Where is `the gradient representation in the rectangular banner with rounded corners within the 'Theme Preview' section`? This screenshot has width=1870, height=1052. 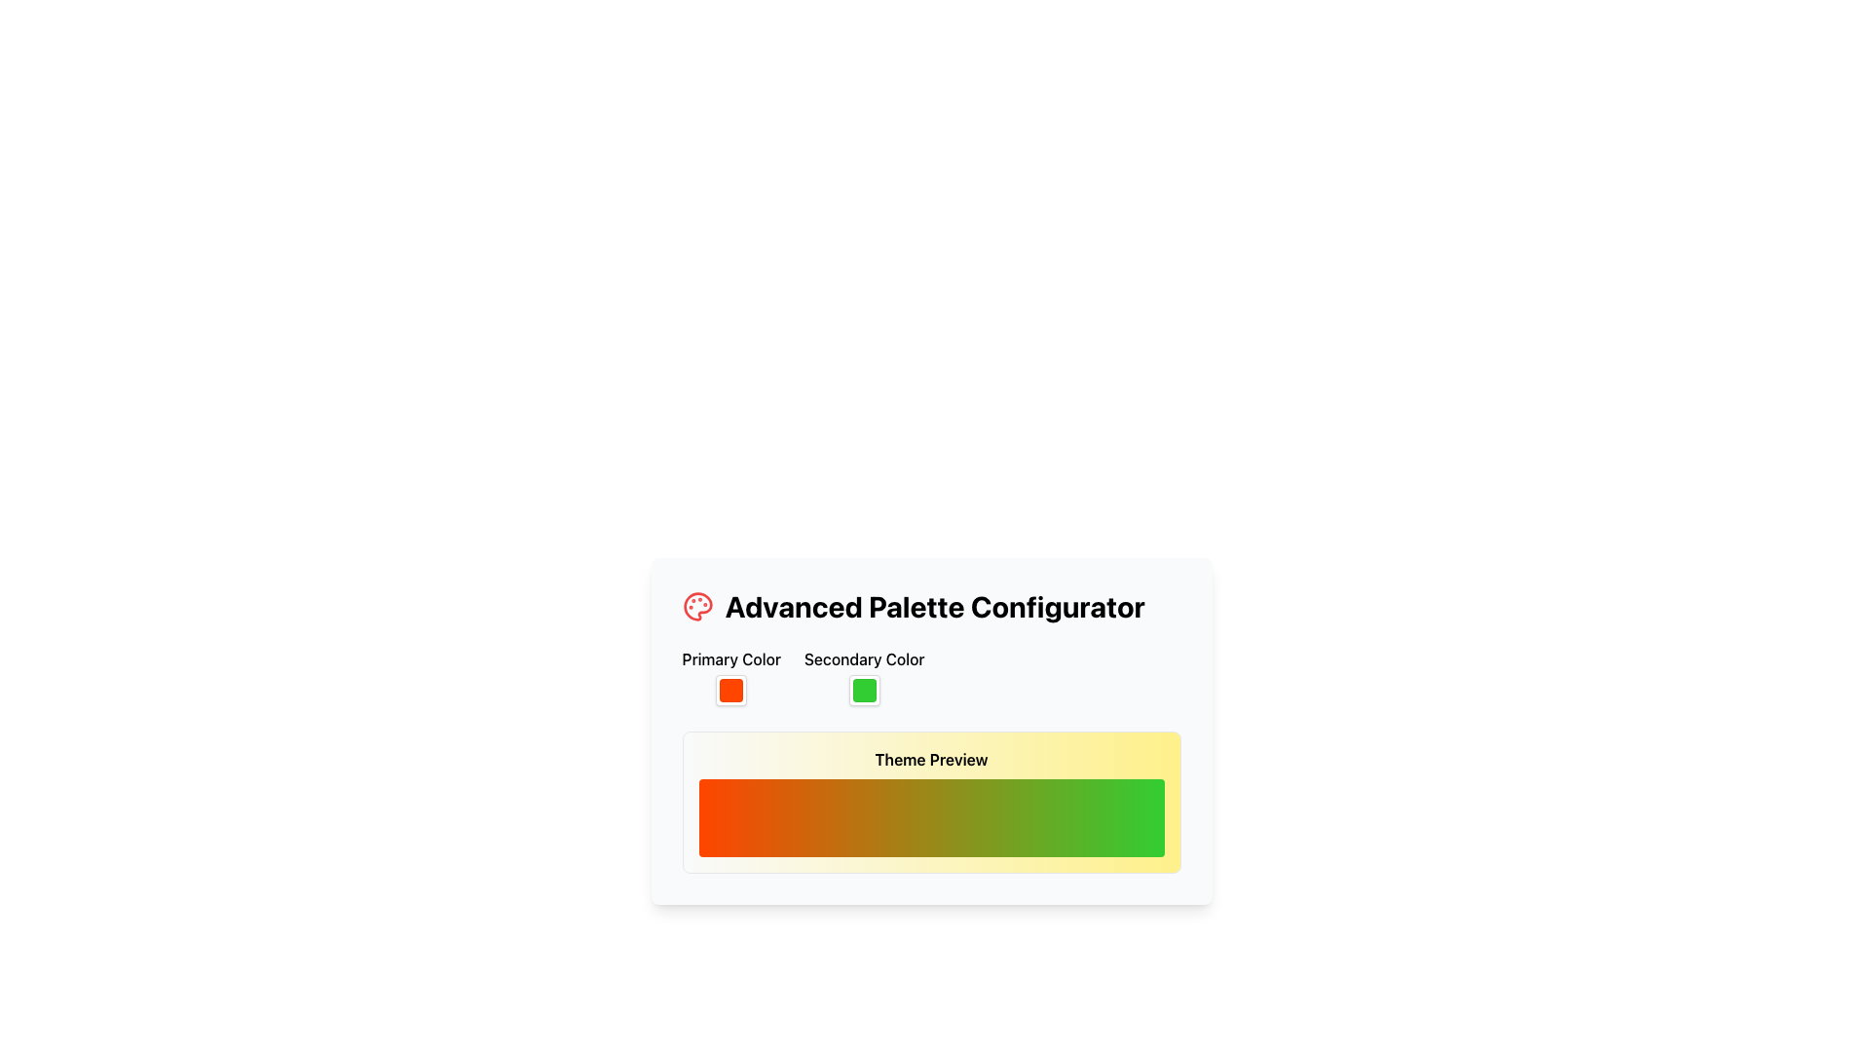 the gradient representation in the rectangular banner with rounded corners within the 'Theme Preview' section is located at coordinates (930, 818).